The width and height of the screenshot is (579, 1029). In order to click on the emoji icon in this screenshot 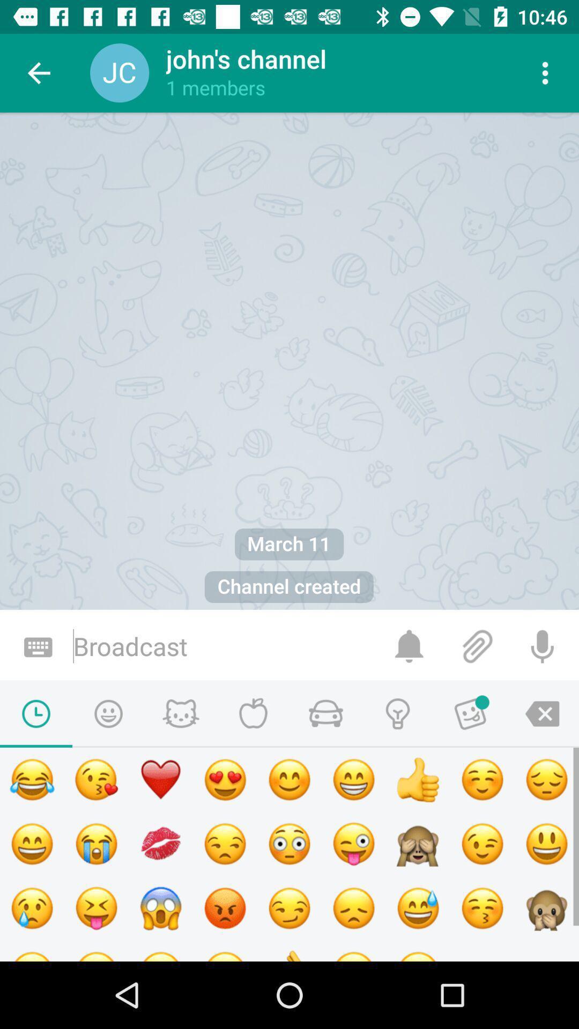, I will do `click(546, 779)`.